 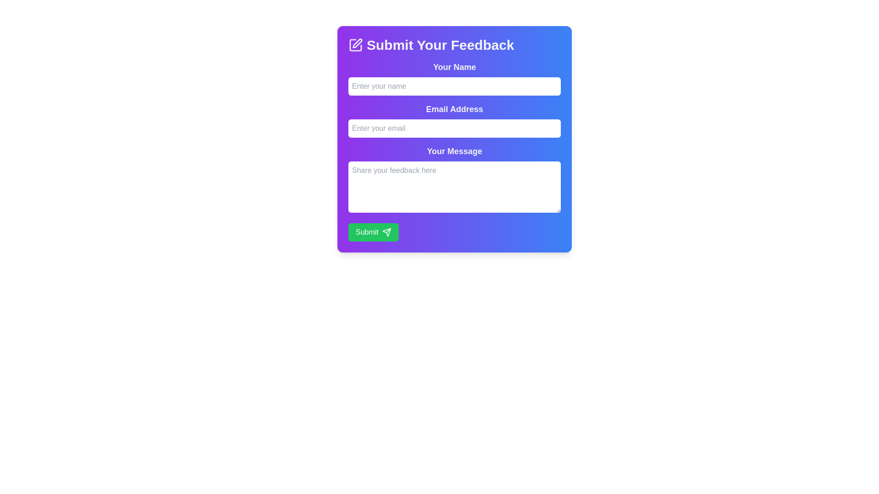 I want to click on the 'Submit' button that contains a paper airplane icon, located at the right side of the button, so click(x=386, y=232).